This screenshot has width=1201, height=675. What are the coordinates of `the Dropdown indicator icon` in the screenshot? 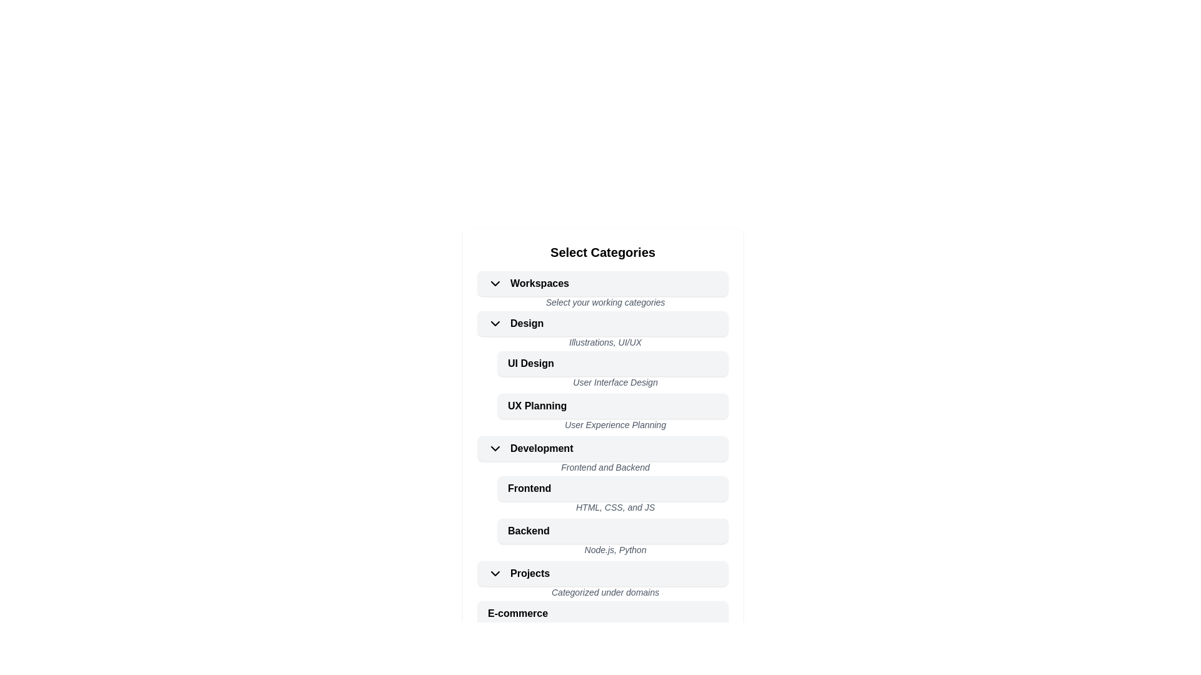 It's located at (495, 574).